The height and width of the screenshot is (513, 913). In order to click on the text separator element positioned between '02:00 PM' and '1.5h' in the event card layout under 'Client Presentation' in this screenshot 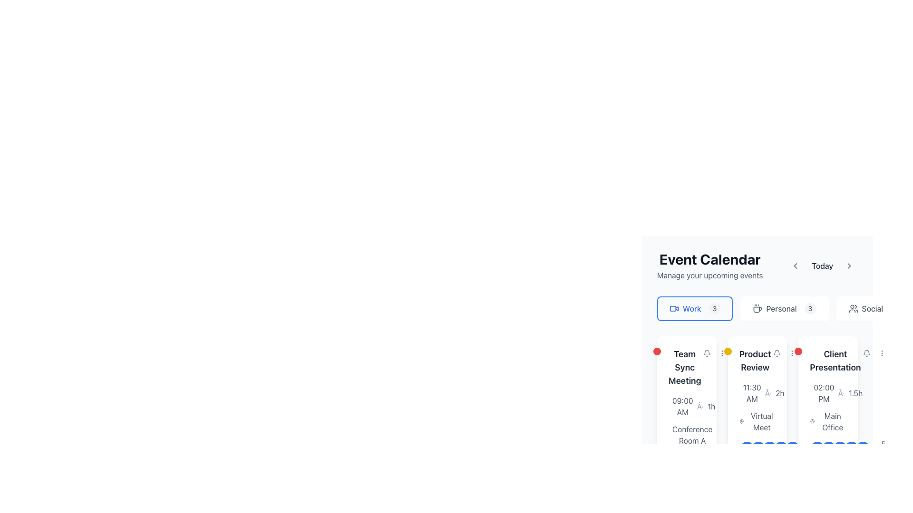, I will do `click(841, 393)`.